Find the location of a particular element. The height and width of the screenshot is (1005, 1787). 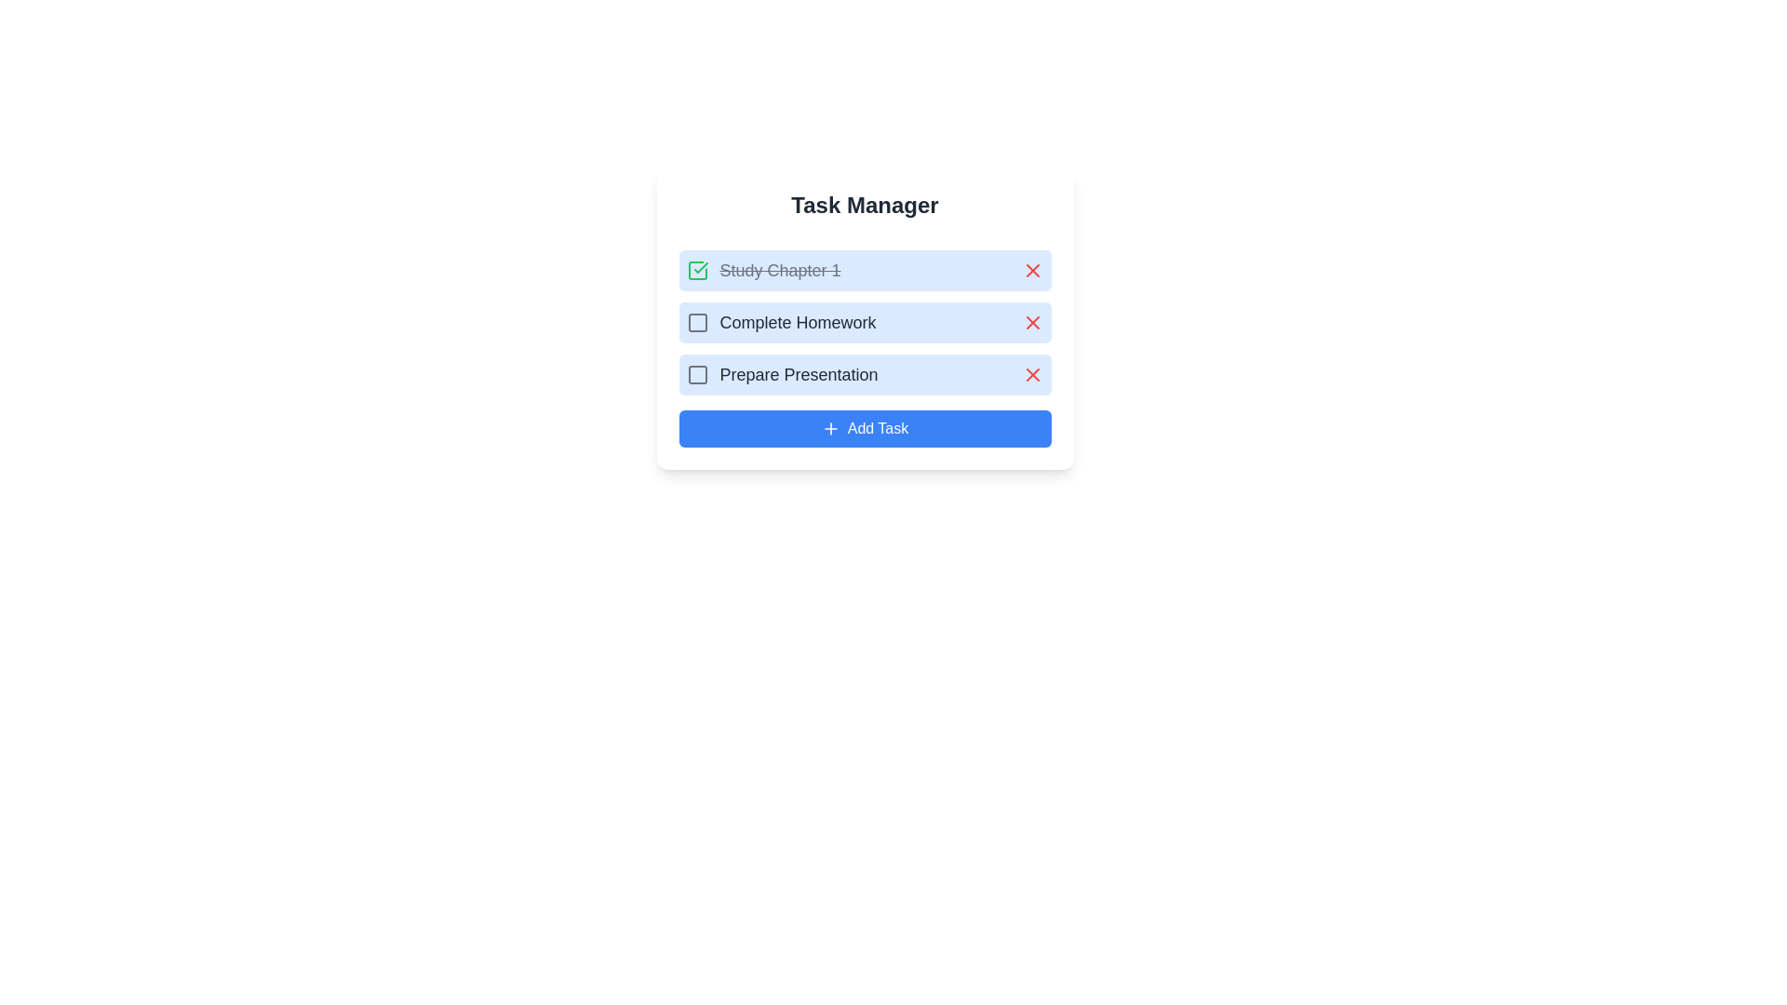

the static text label 'Prepare Presentation' in the Task Manager interface, which is styled with a larger font size and gray color, located in the third row of the task list is located at coordinates (799, 374).